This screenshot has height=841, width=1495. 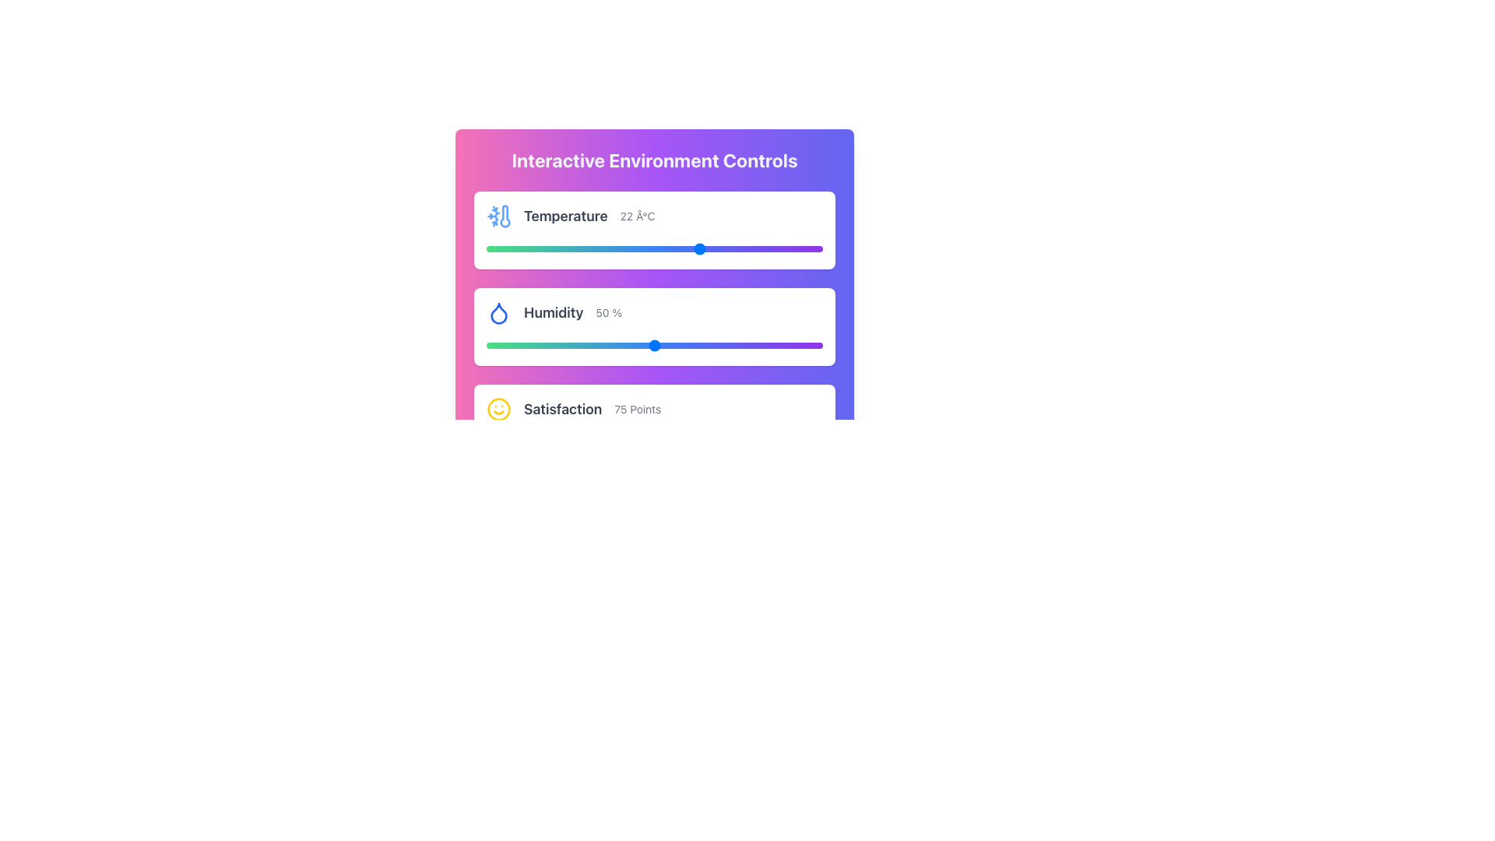 I want to click on the 'Humidity' text element, which is styled with a bold font and dark gray color, located in the upper-middle of the second card in a vertical stack of cards, so click(x=554, y=312).